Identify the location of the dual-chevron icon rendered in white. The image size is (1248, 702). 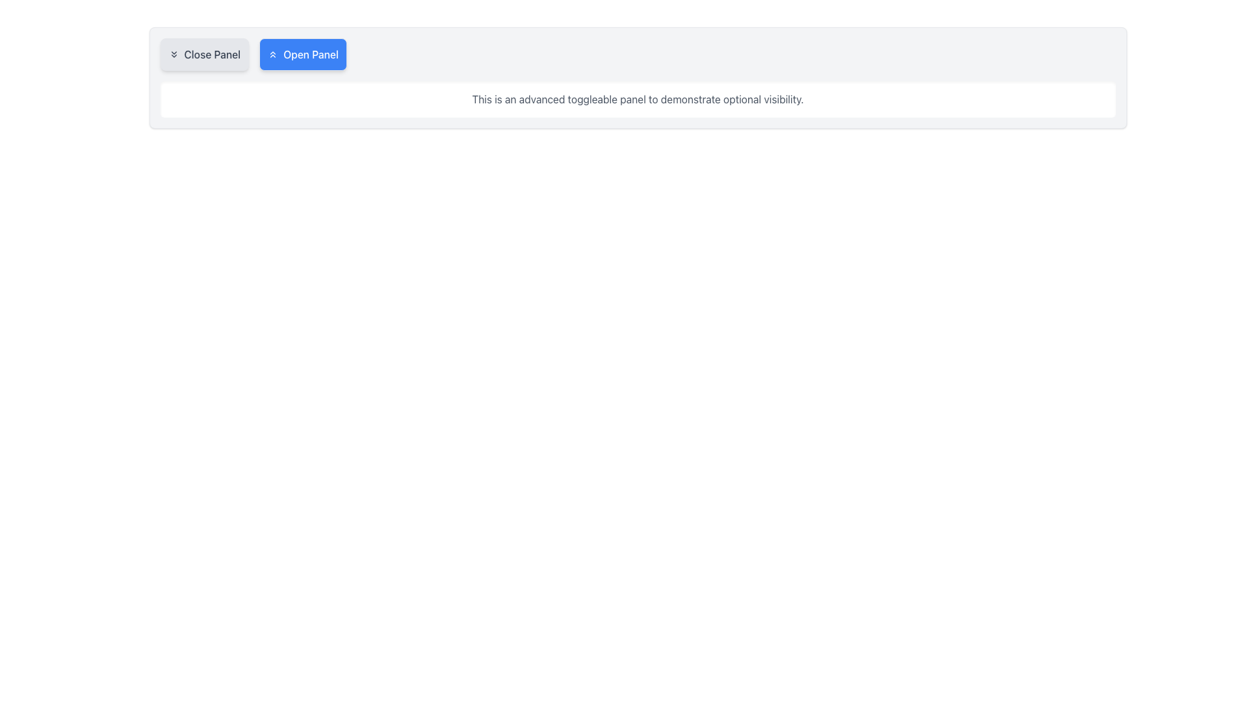
(272, 54).